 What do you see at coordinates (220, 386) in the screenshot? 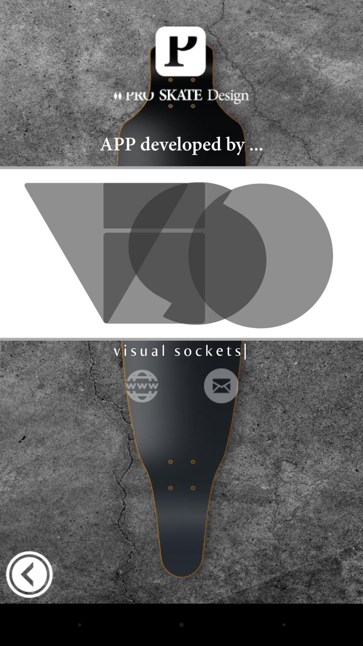
I see `messages` at bounding box center [220, 386].